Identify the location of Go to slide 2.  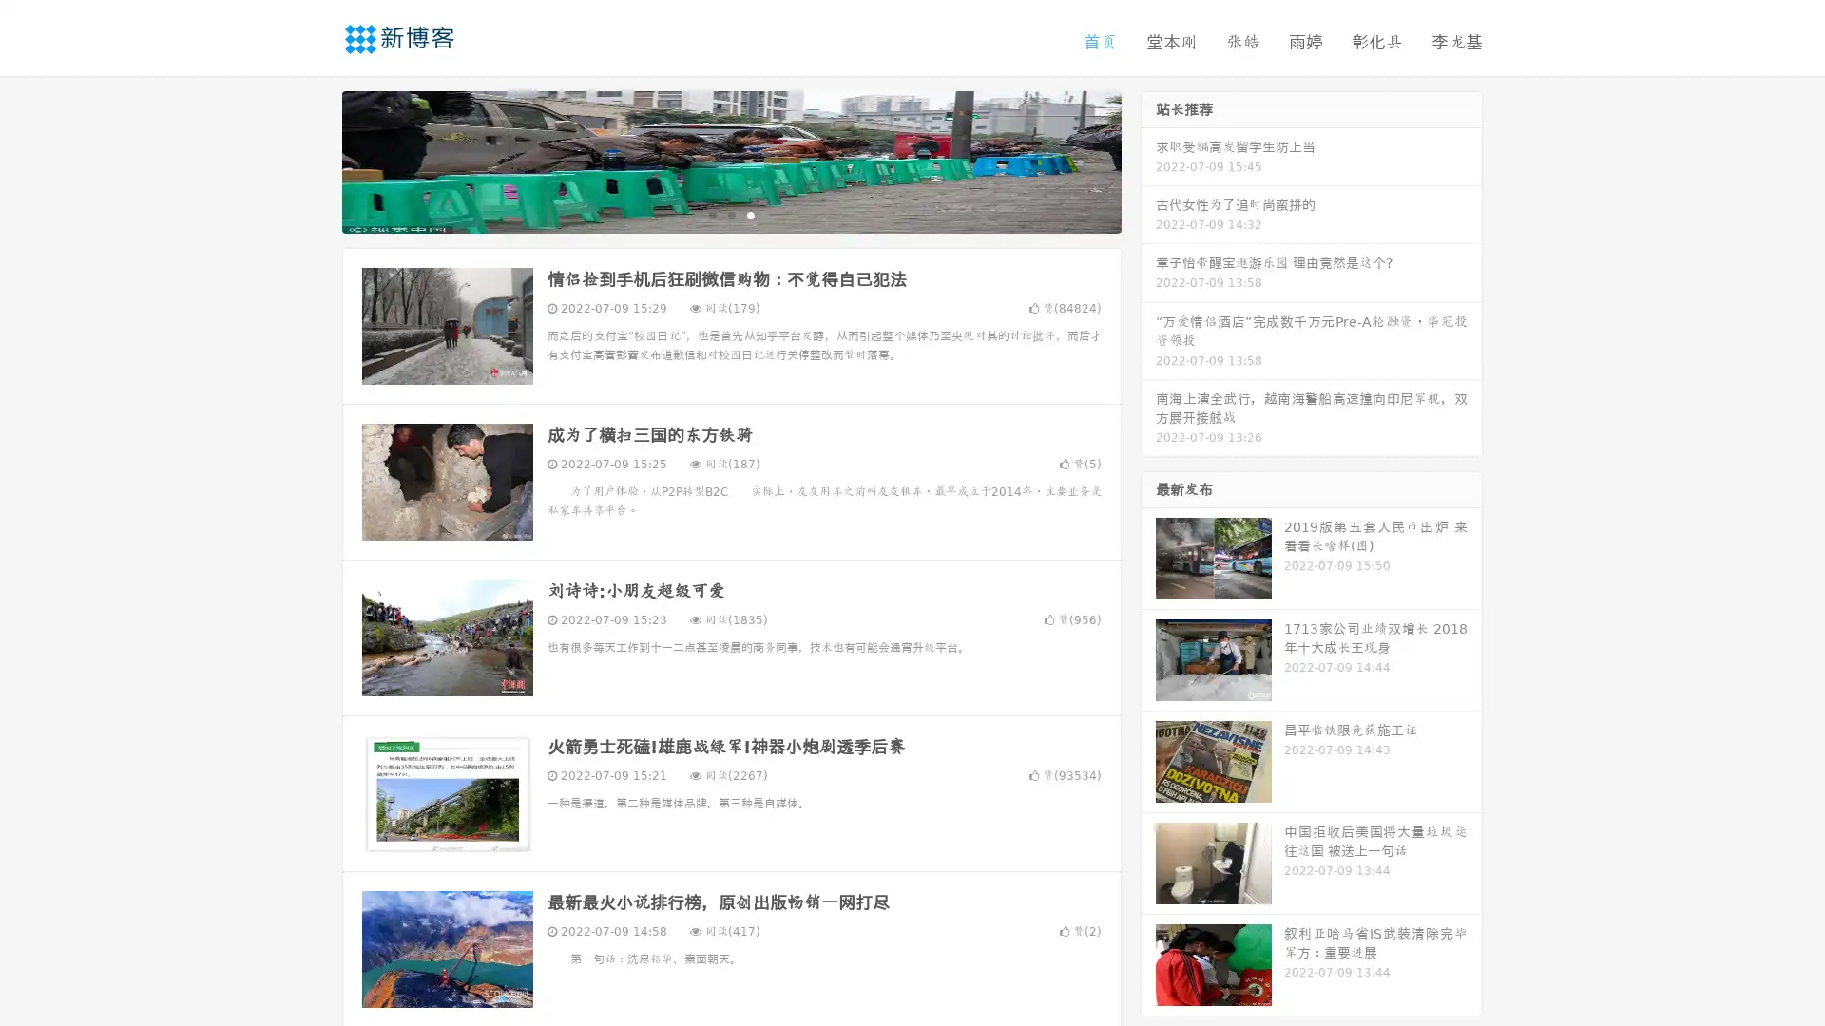
(730, 214).